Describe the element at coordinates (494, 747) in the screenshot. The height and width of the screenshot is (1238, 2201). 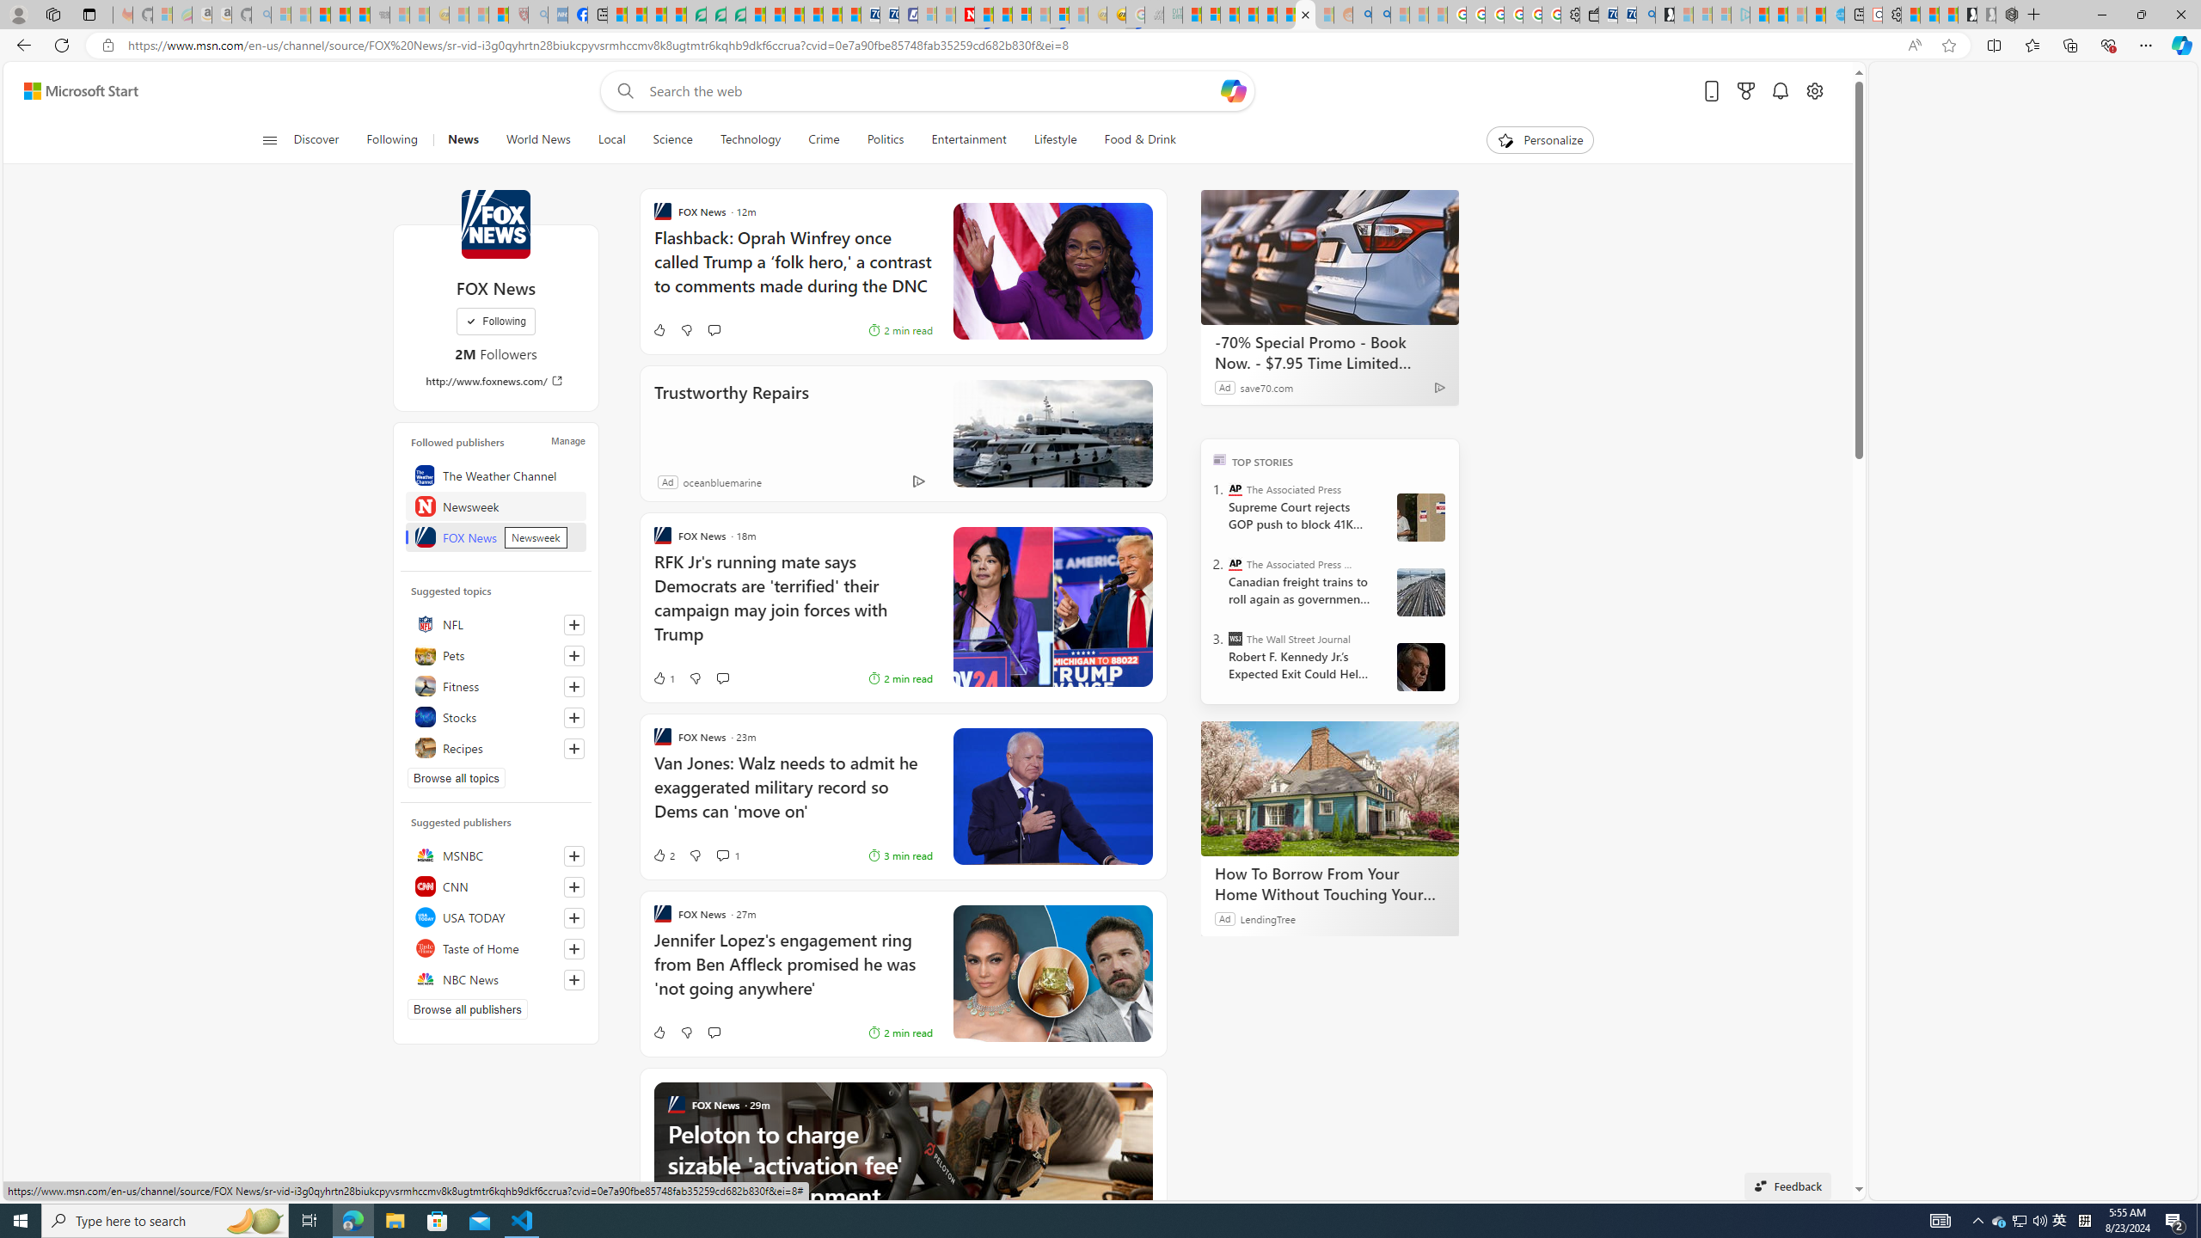
I see `'Recipes'` at that location.